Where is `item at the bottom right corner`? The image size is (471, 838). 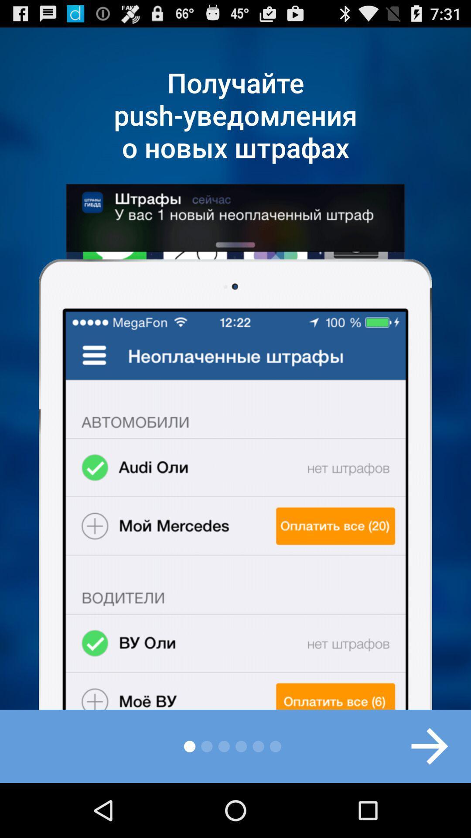
item at the bottom right corner is located at coordinates (420, 745).